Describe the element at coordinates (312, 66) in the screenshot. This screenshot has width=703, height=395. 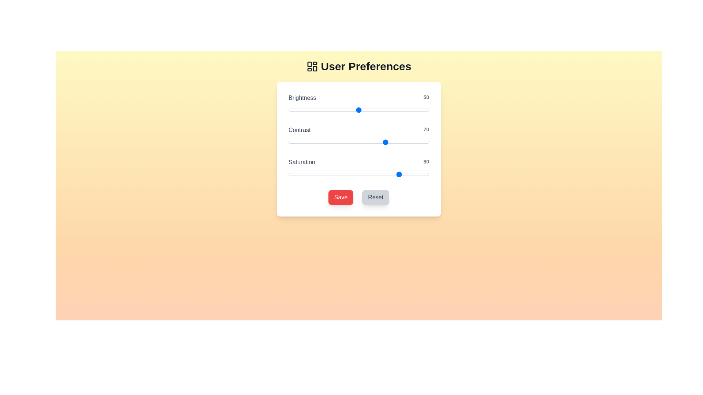
I see `icon next to the heading to highlight it` at that location.